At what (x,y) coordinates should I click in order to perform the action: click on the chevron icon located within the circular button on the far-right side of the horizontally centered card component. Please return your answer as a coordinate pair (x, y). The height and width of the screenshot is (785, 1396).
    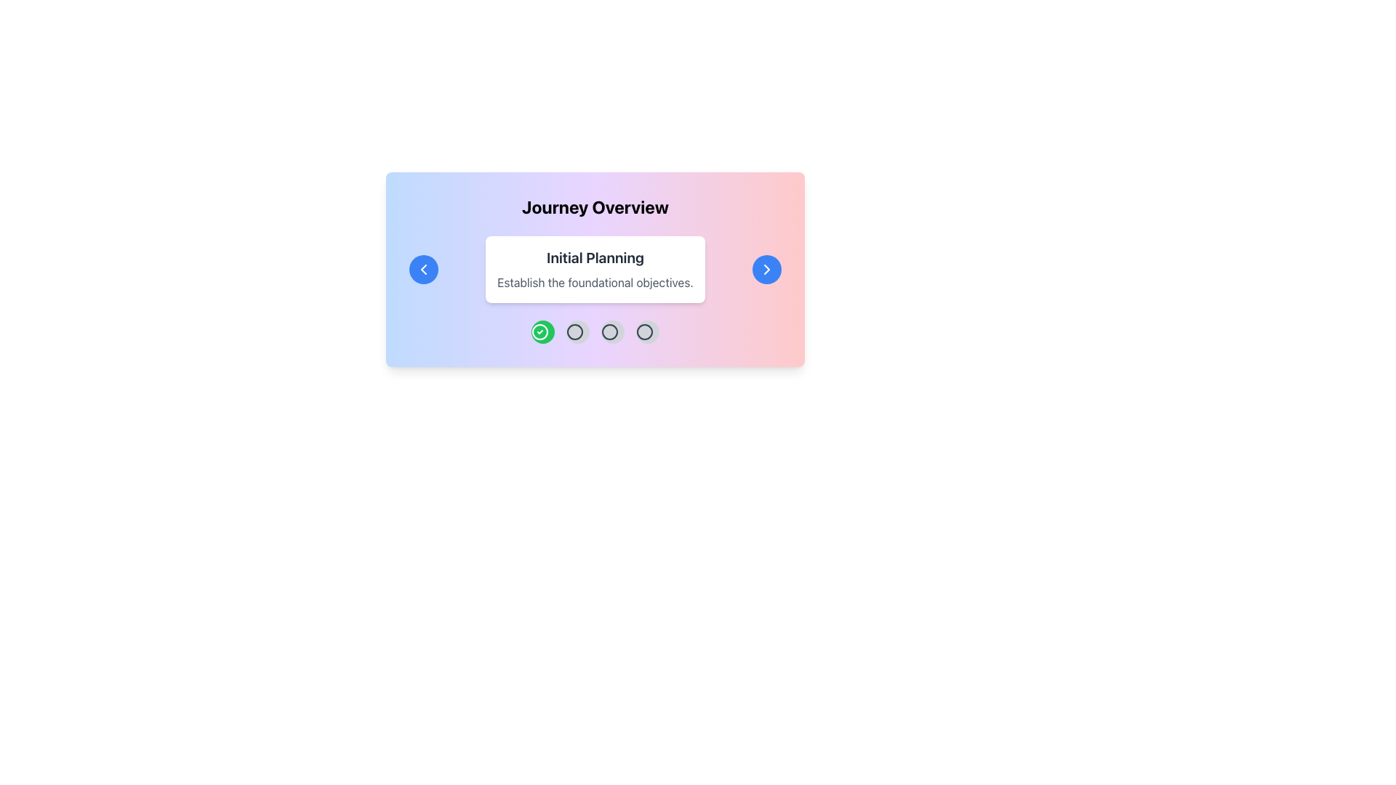
    Looking at the image, I should click on (766, 269).